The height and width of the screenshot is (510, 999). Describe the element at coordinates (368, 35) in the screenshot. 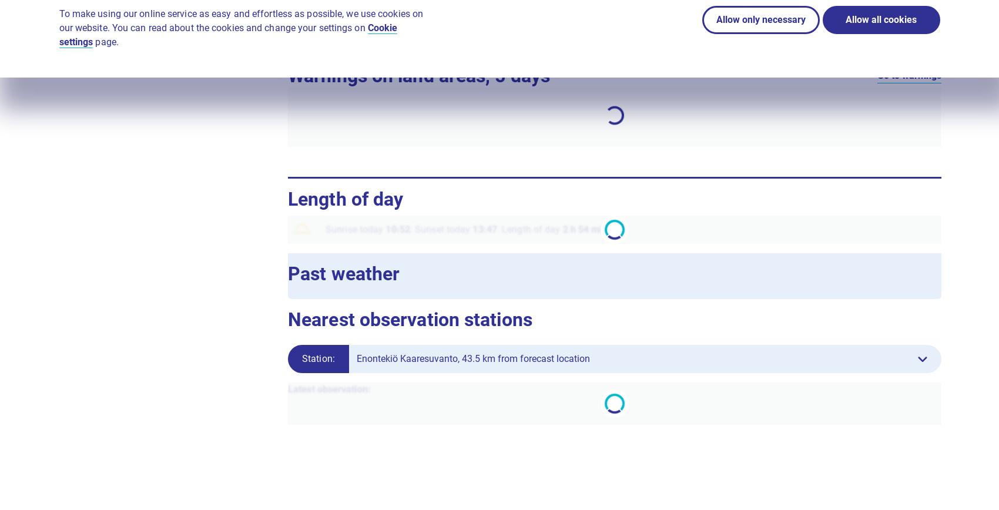

I see `'Interpretation guide for Local weather'` at that location.